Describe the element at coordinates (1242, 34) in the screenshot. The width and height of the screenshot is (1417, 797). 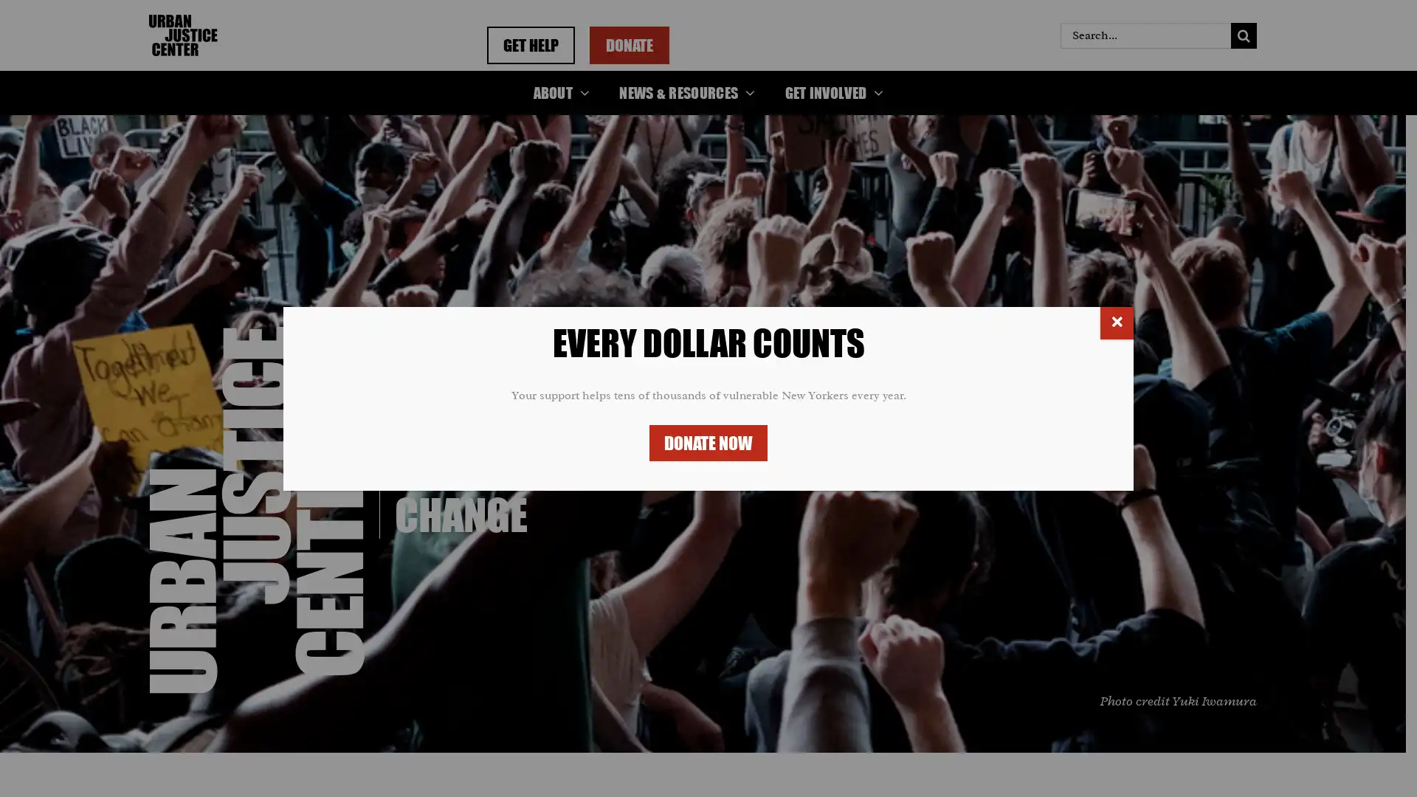
I see `Search` at that location.